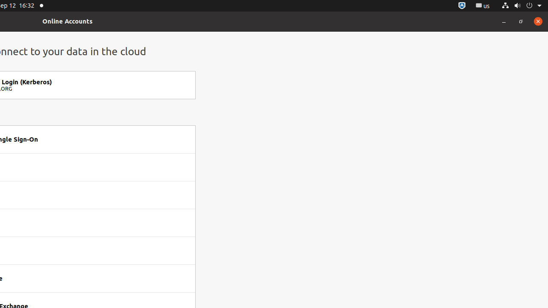 This screenshot has height=308, width=548. Describe the element at coordinates (67, 21) in the screenshot. I see `'Online Accounts'` at that location.